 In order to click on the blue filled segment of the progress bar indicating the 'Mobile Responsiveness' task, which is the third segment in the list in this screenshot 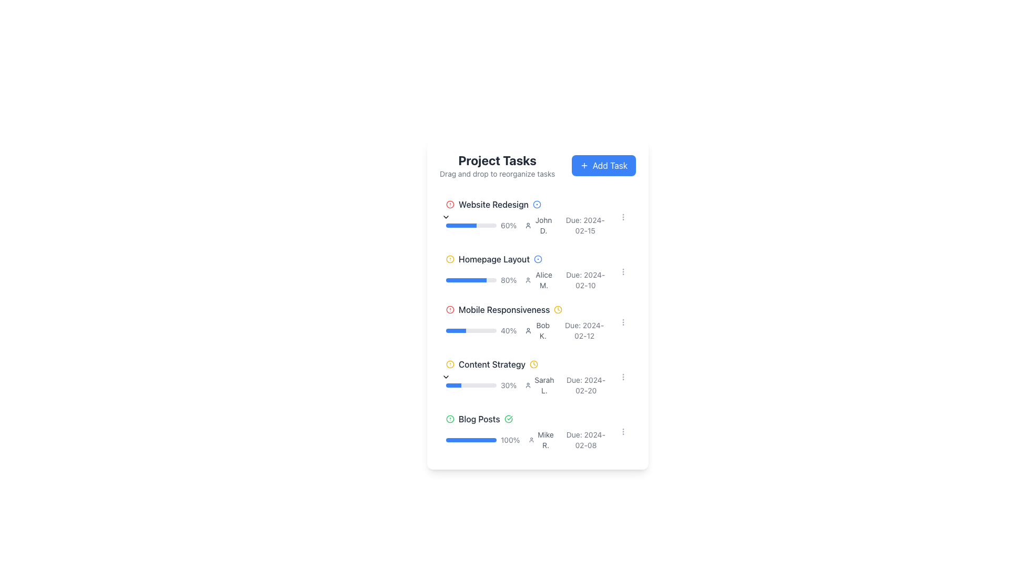, I will do `click(456, 330)`.